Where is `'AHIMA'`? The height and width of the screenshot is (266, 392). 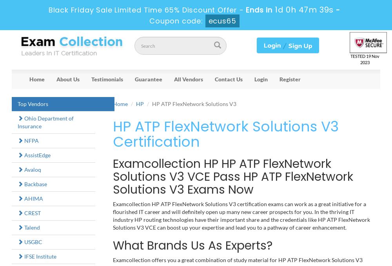 'AHIMA' is located at coordinates (33, 198).